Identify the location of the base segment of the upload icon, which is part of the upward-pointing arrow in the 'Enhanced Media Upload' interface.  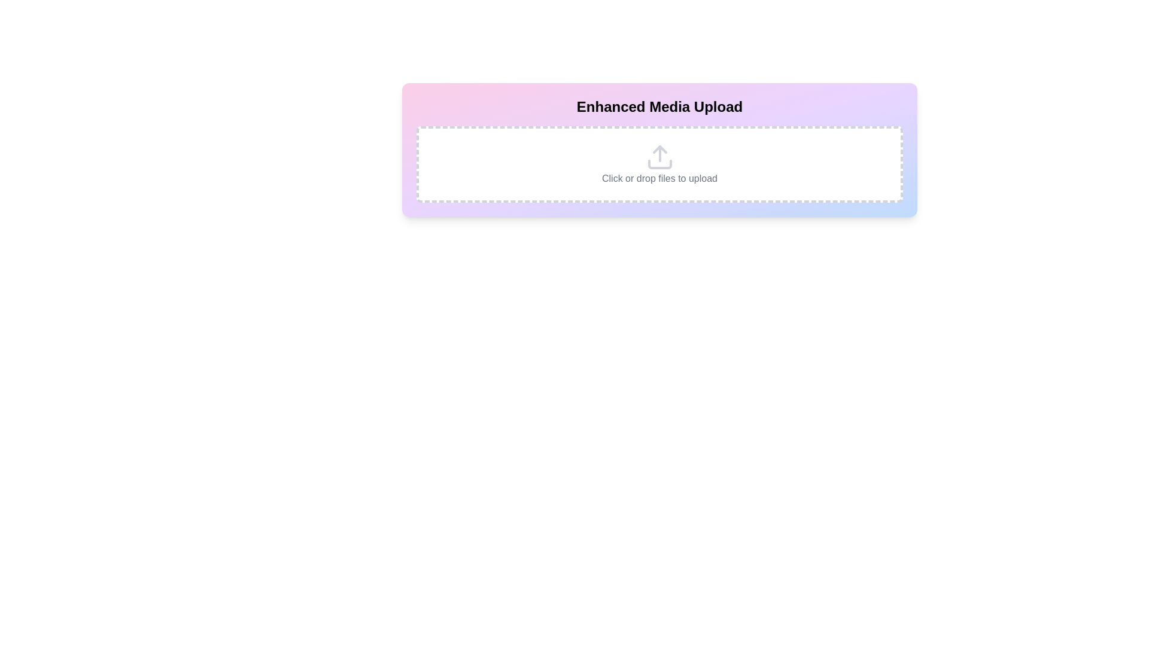
(659, 164).